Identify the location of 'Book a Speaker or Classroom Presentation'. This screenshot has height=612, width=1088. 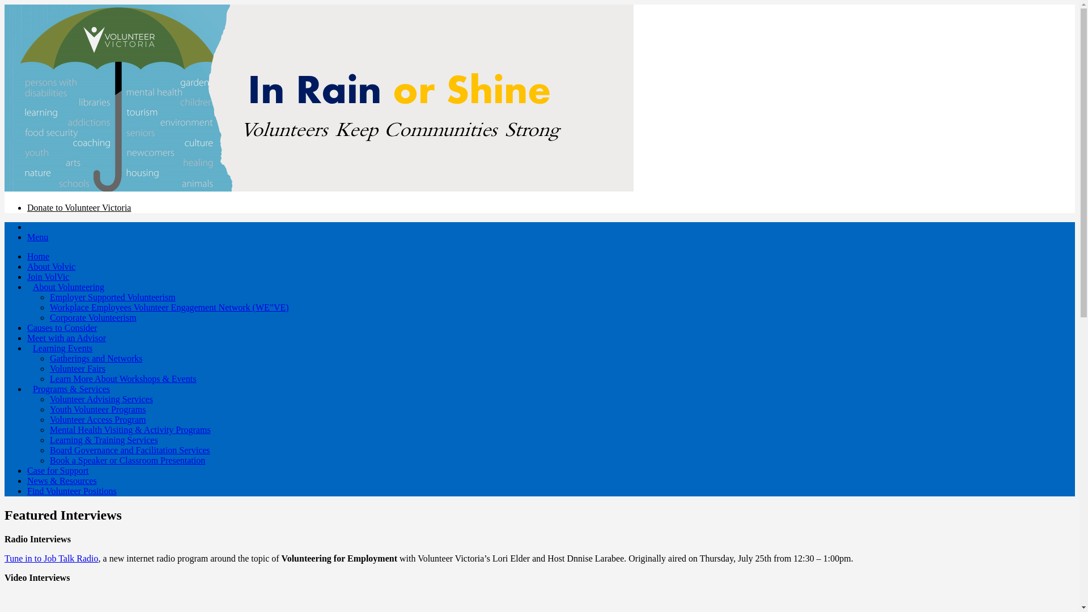
(127, 460).